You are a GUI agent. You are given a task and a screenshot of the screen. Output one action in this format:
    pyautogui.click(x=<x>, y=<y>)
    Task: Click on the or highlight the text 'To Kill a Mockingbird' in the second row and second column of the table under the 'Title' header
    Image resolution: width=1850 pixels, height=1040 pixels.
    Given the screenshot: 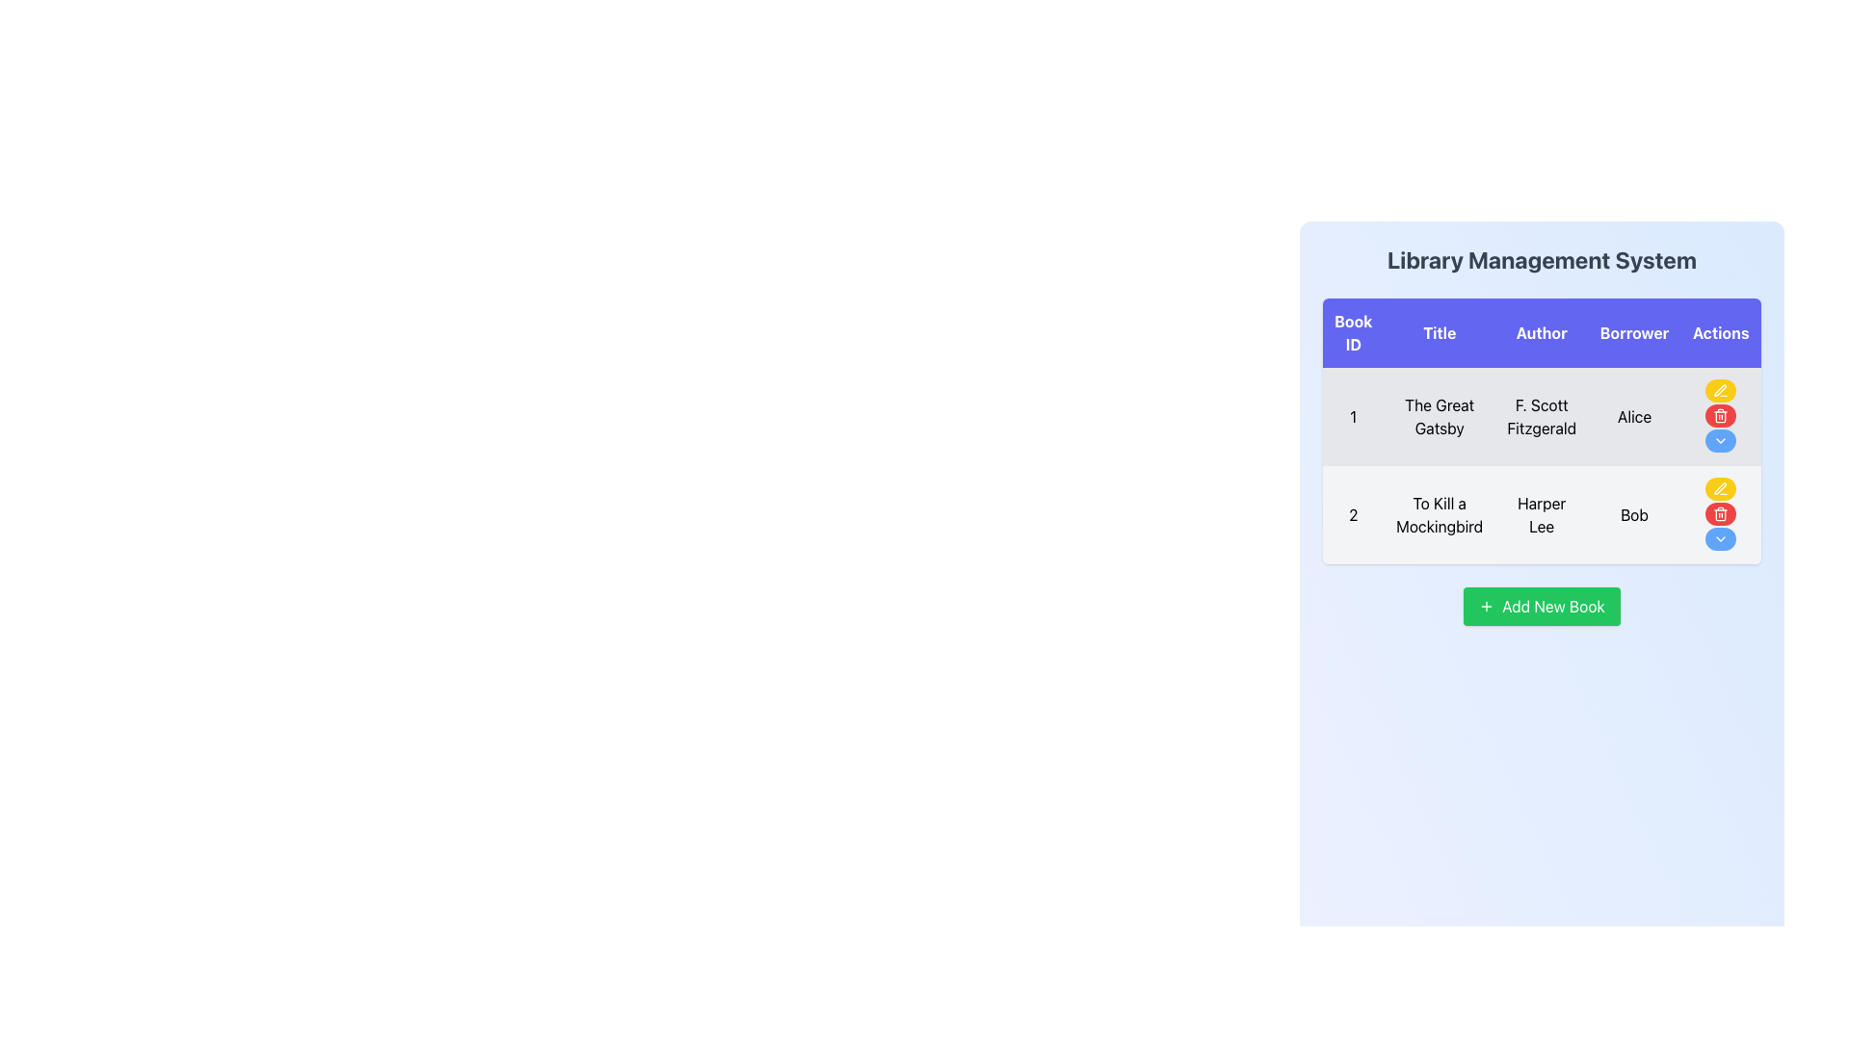 What is the action you would take?
    pyautogui.click(x=1439, y=514)
    